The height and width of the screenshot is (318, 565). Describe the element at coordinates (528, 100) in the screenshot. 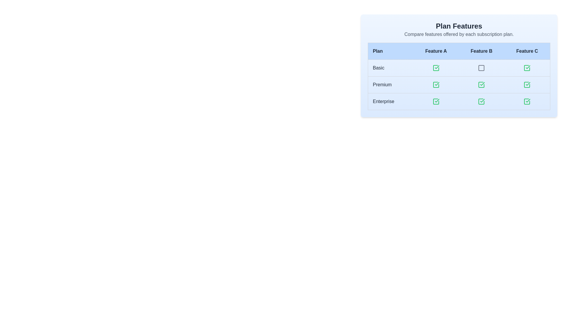

I see `the green checkmark icon in the 'Feature C' column of the 'Enterprise' row in the 'Plan Features' table, indicating confirmation or selection` at that location.